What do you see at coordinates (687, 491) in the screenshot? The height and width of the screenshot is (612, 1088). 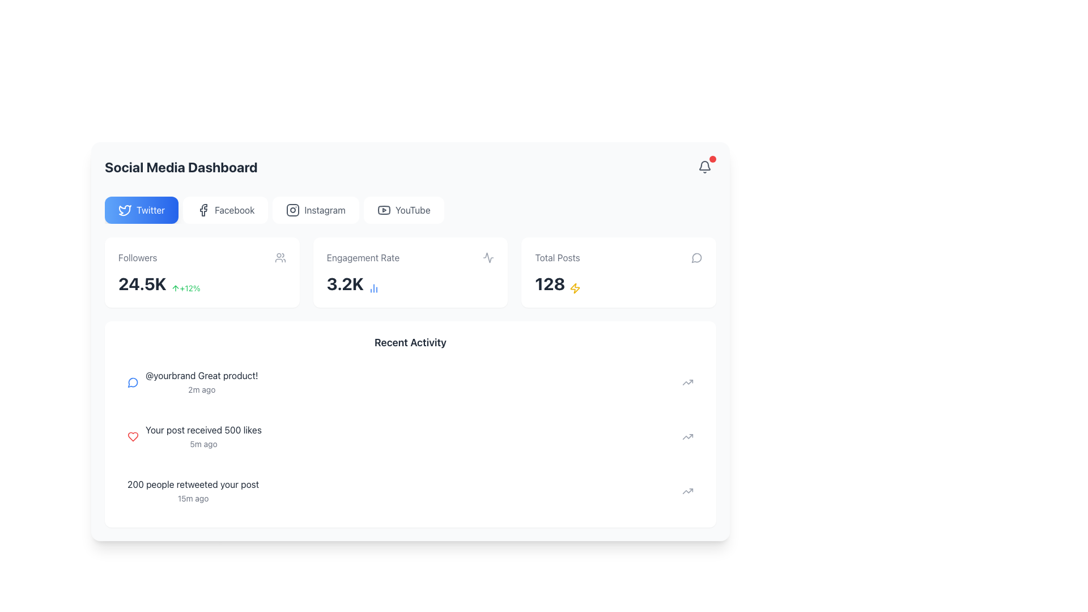 I see `the 'trending' or 'analytics' icon located in the 'Recent Activity' section, aligned with the entry about '200 people retweeted your post'` at bounding box center [687, 491].